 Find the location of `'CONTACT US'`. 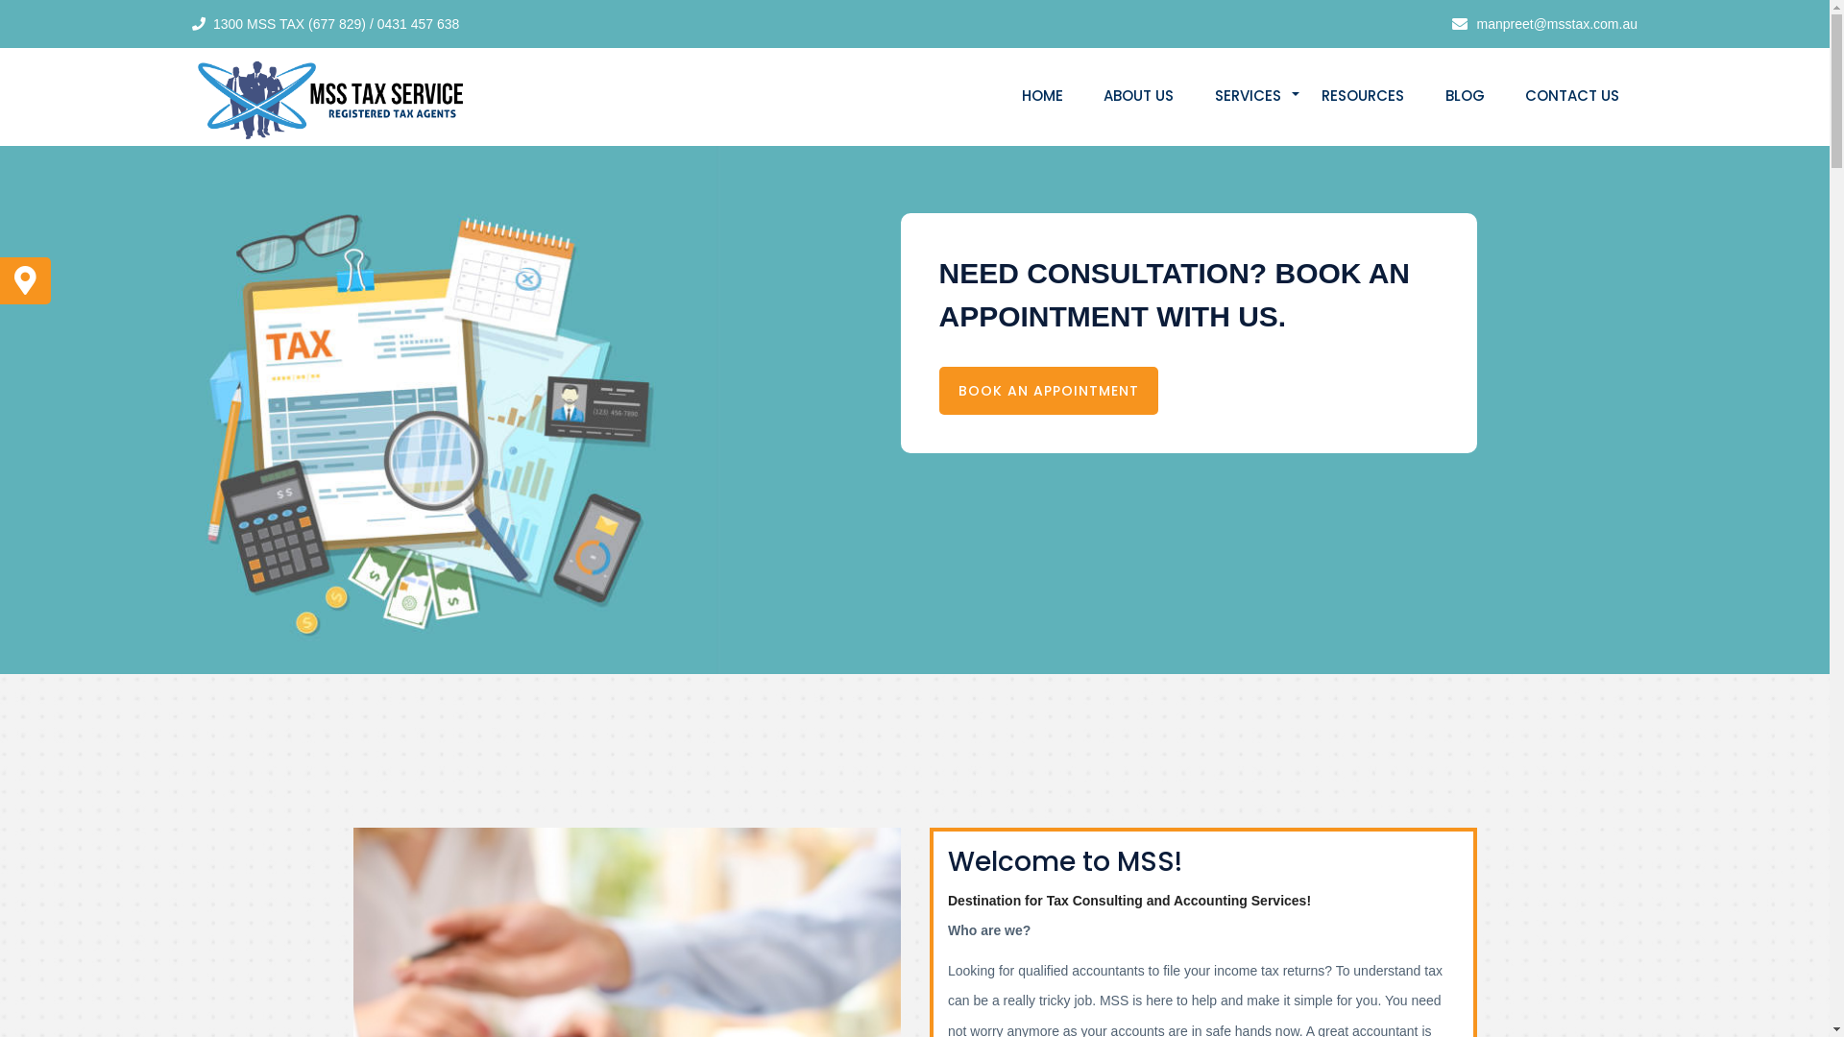

'CONTACT US' is located at coordinates (1571, 96).